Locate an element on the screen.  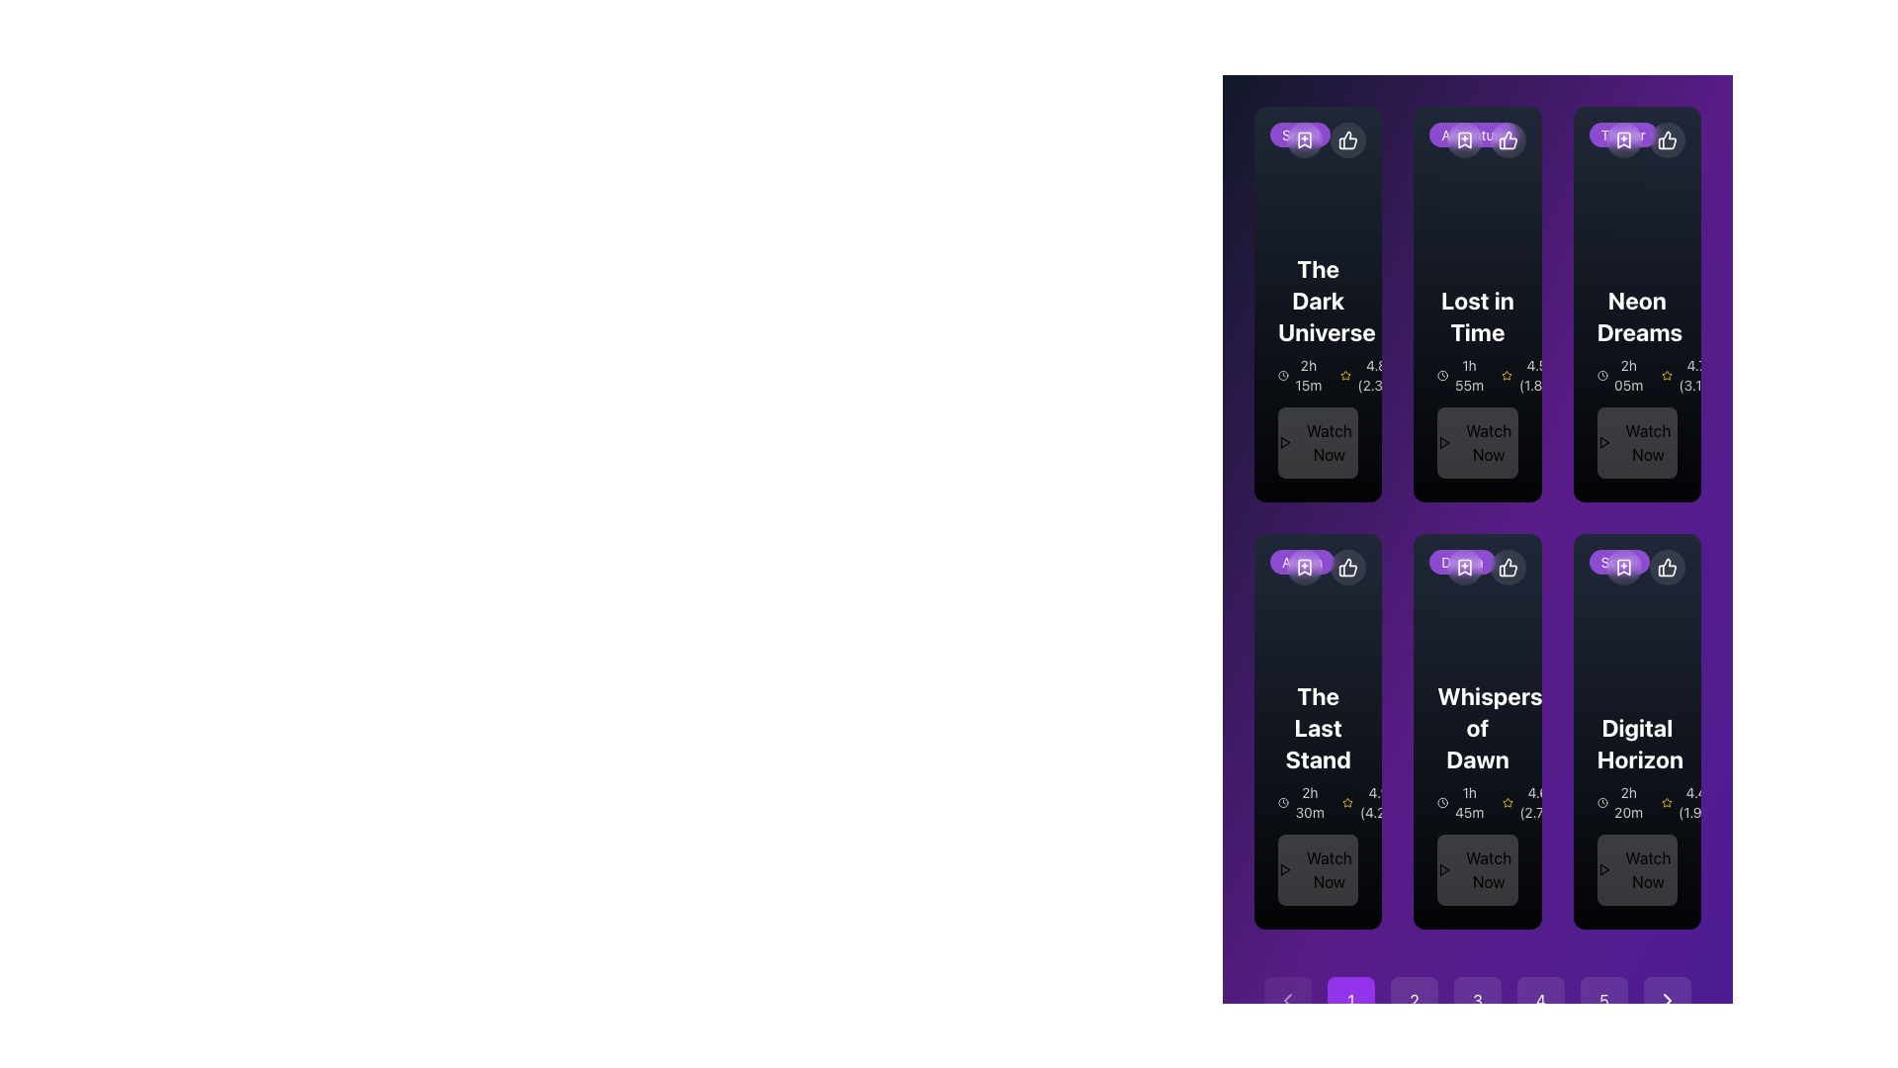
the thumbs-up symbol, which is a white outline icon on a dark interface, located in the top right corner of a card layout, to register a 'like' action is located at coordinates (1507, 568).